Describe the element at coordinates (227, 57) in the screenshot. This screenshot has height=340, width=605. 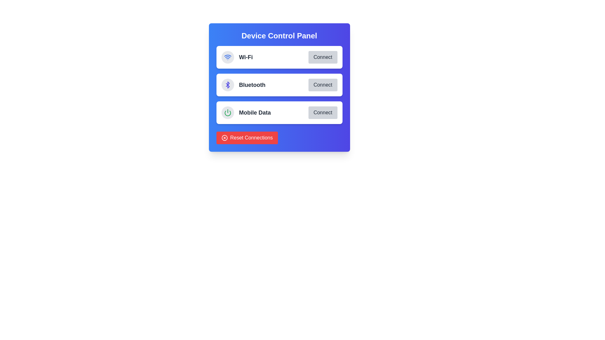
I see `the Wi-Fi icon located in the top region of the blue panel labeled 'Device Control Panel', which is the first item in a vertical list of icons` at that location.